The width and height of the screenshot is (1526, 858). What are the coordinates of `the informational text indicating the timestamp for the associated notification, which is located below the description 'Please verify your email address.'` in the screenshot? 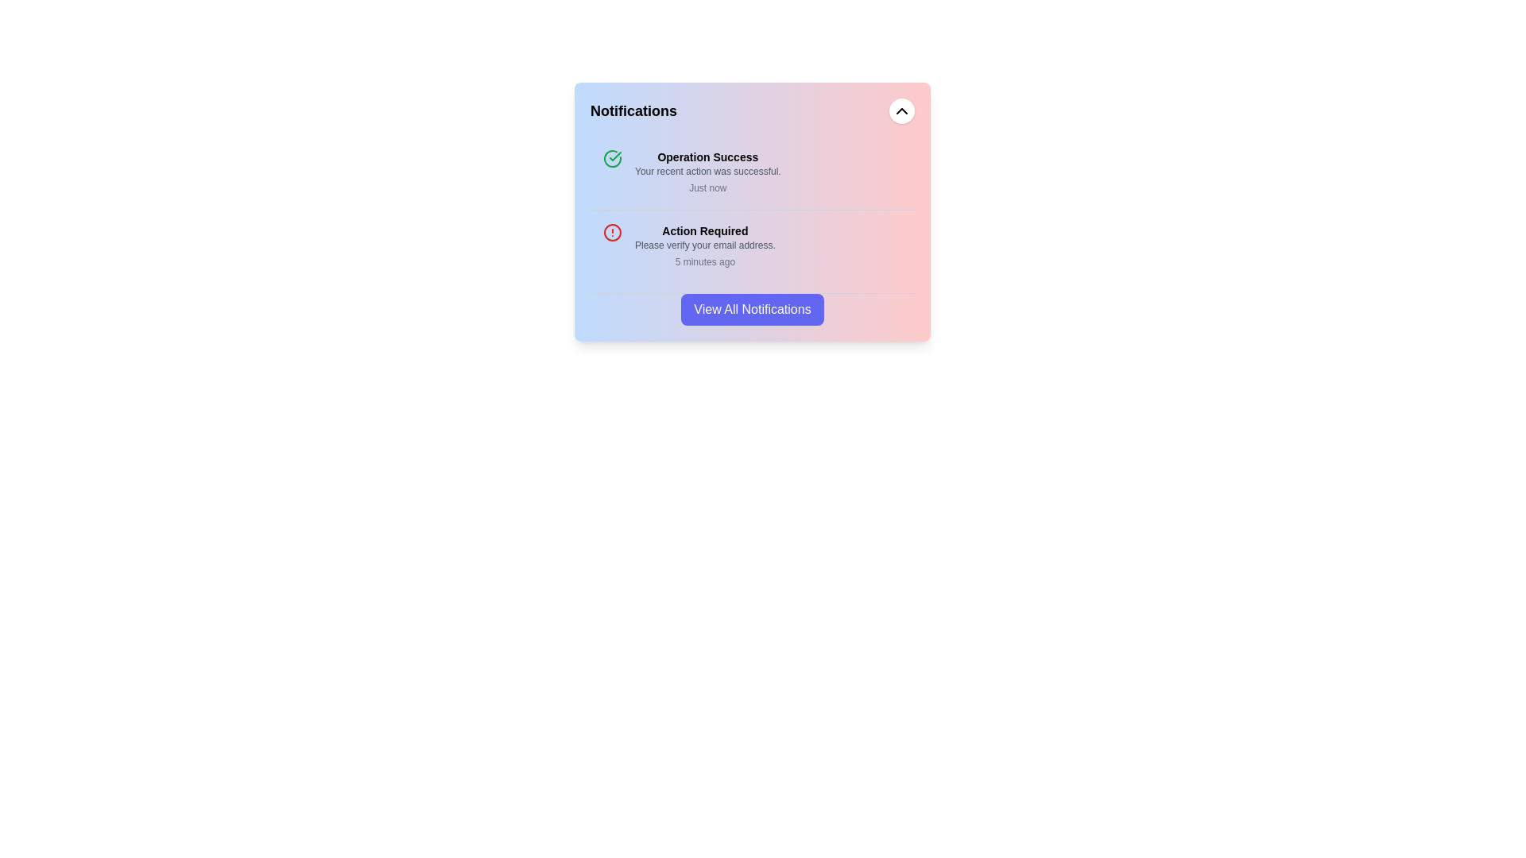 It's located at (704, 261).